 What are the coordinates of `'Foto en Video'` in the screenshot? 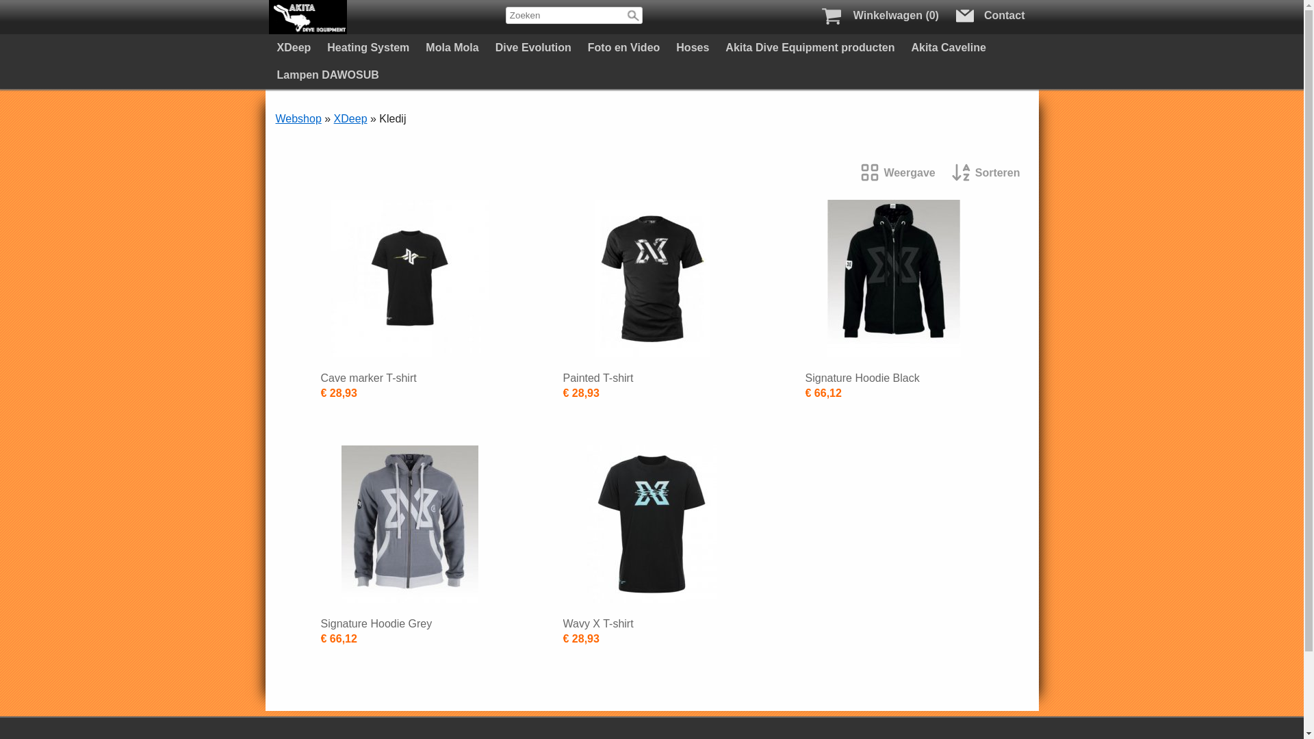 It's located at (579, 47).